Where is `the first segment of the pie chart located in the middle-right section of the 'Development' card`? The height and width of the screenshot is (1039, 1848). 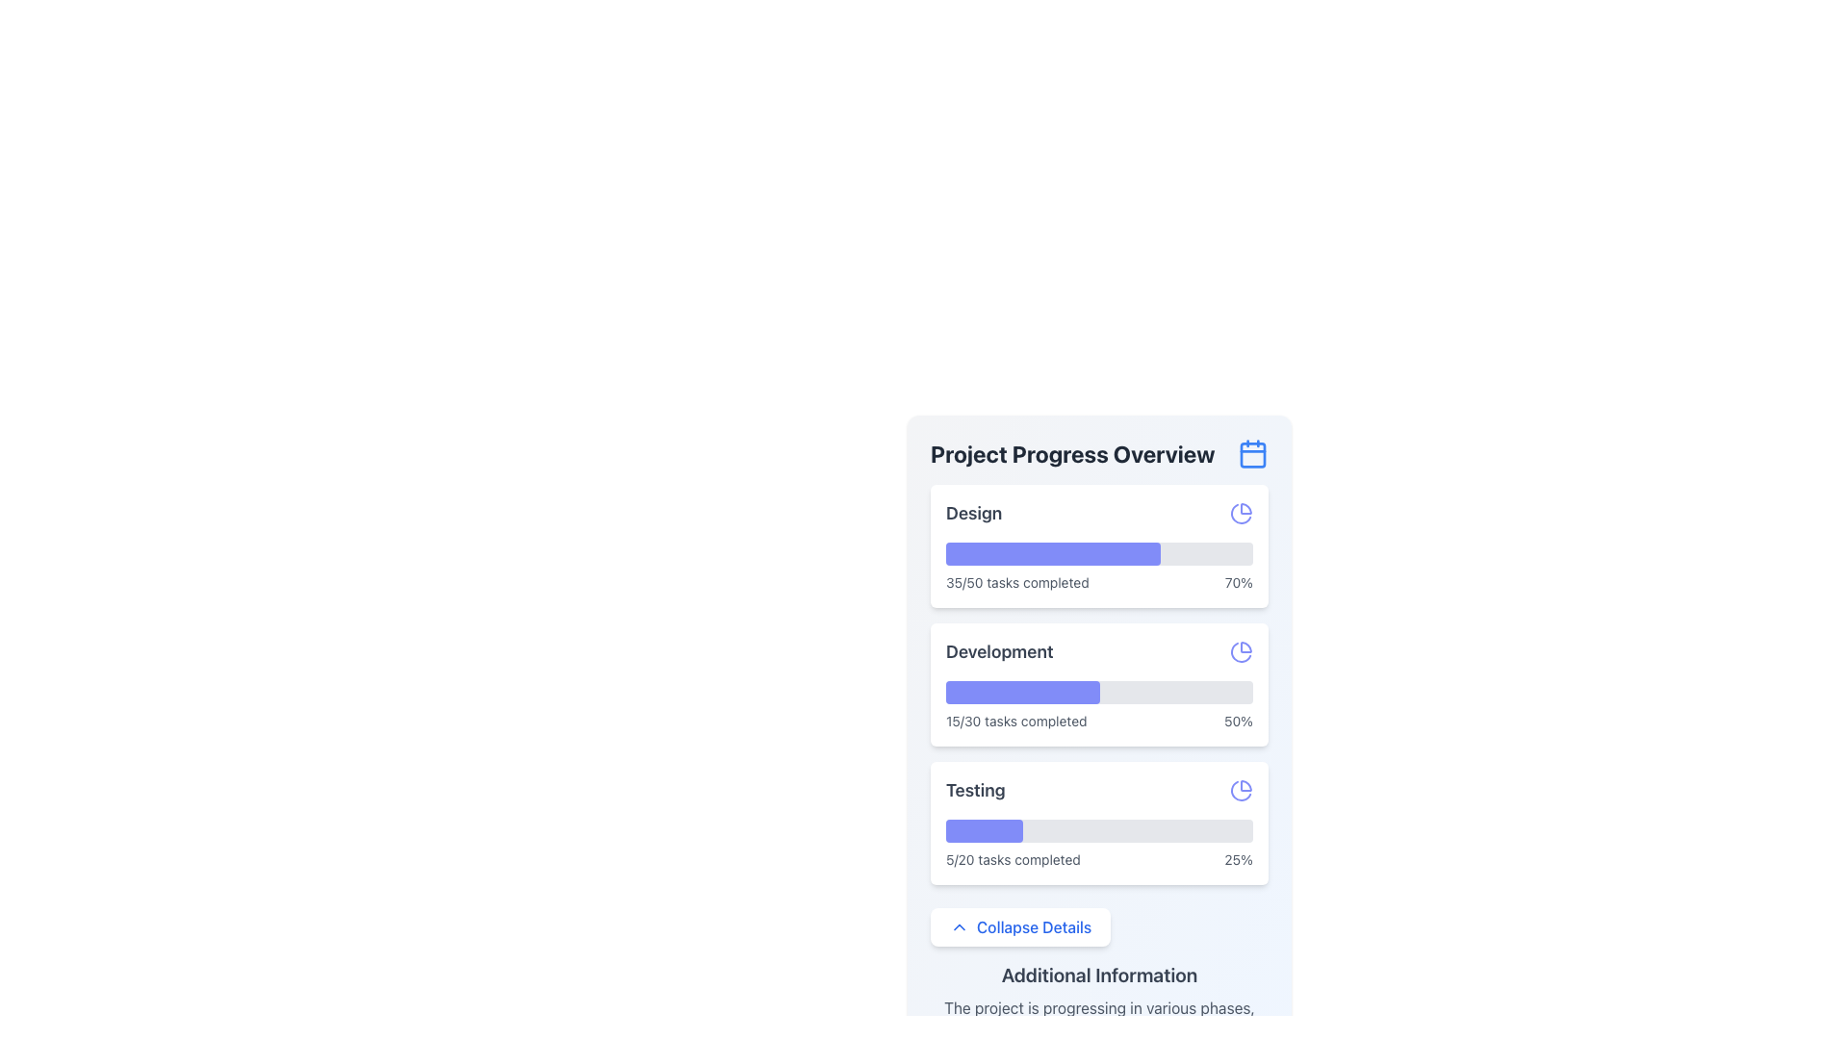
the first segment of the pie chart located in the middle-right section of the 'Development' card is located at coordinates (1246, 647).